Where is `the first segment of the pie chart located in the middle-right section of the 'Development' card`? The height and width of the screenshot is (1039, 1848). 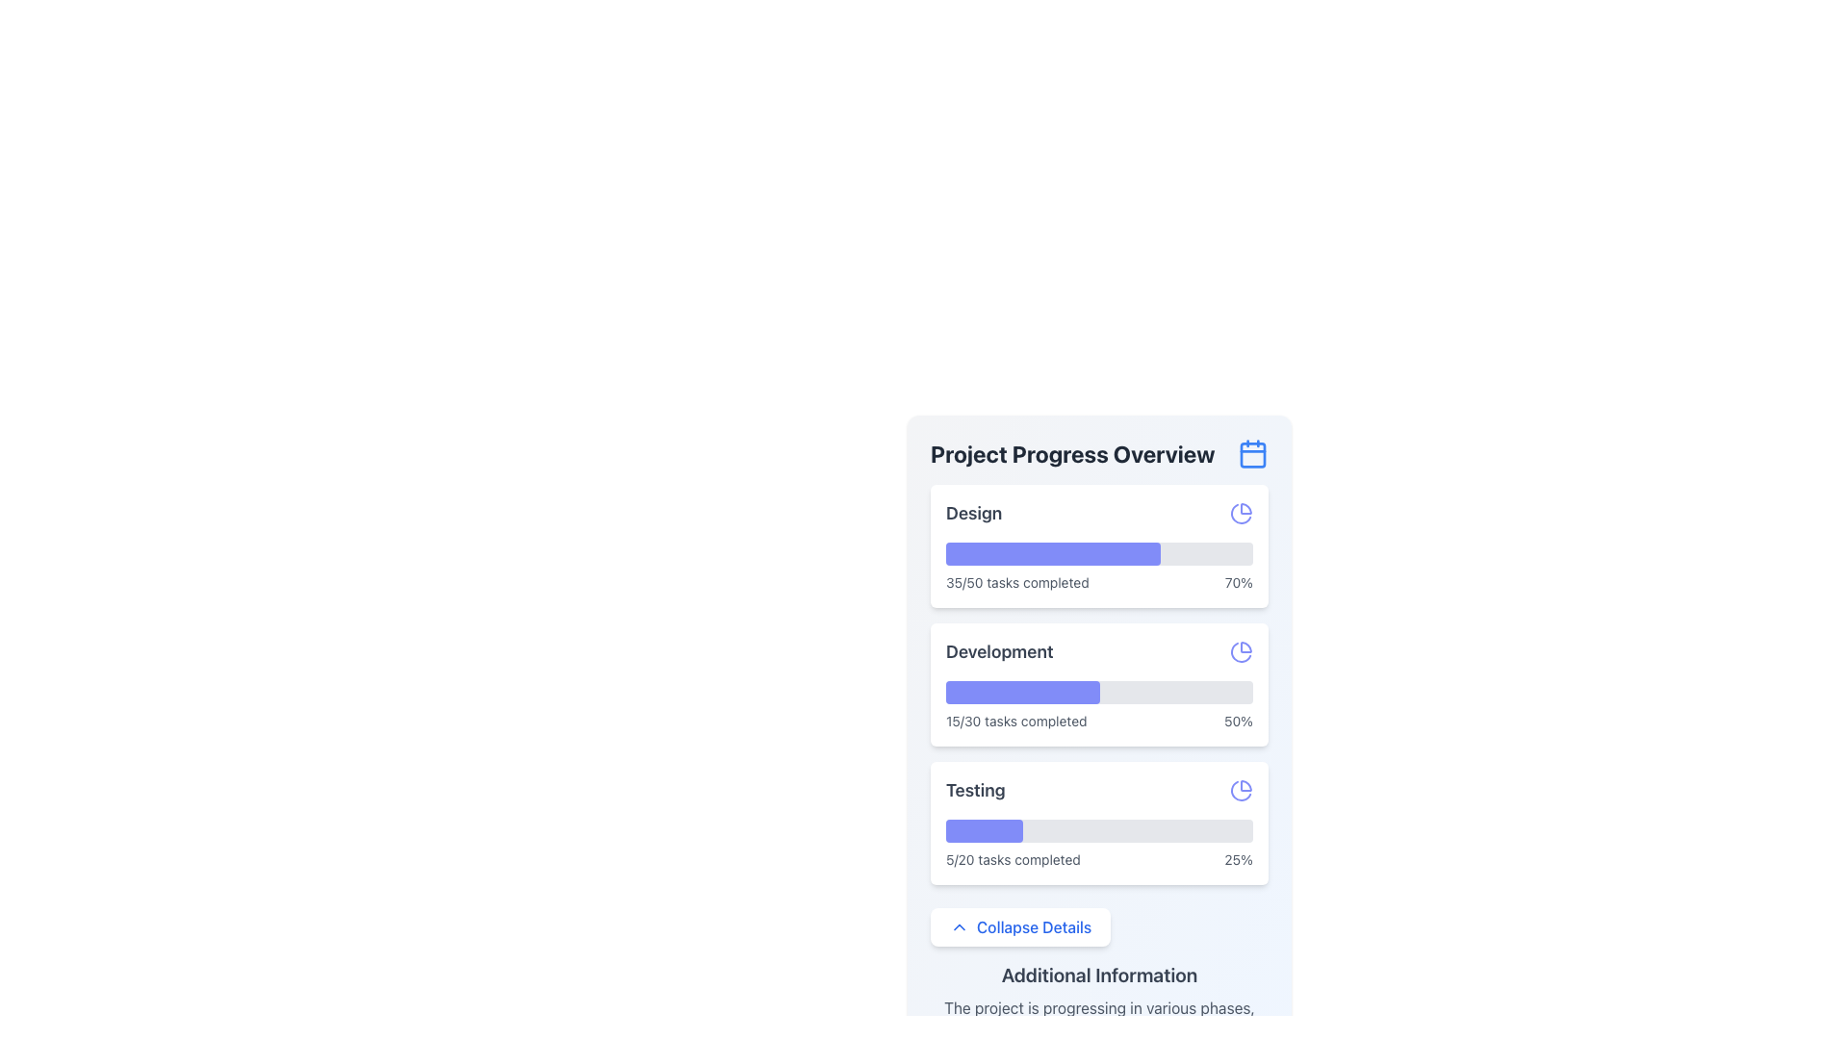
the first segment of the pie chart located in the middle-right section of the 'Development' card is located at coordinates (1246, 647).